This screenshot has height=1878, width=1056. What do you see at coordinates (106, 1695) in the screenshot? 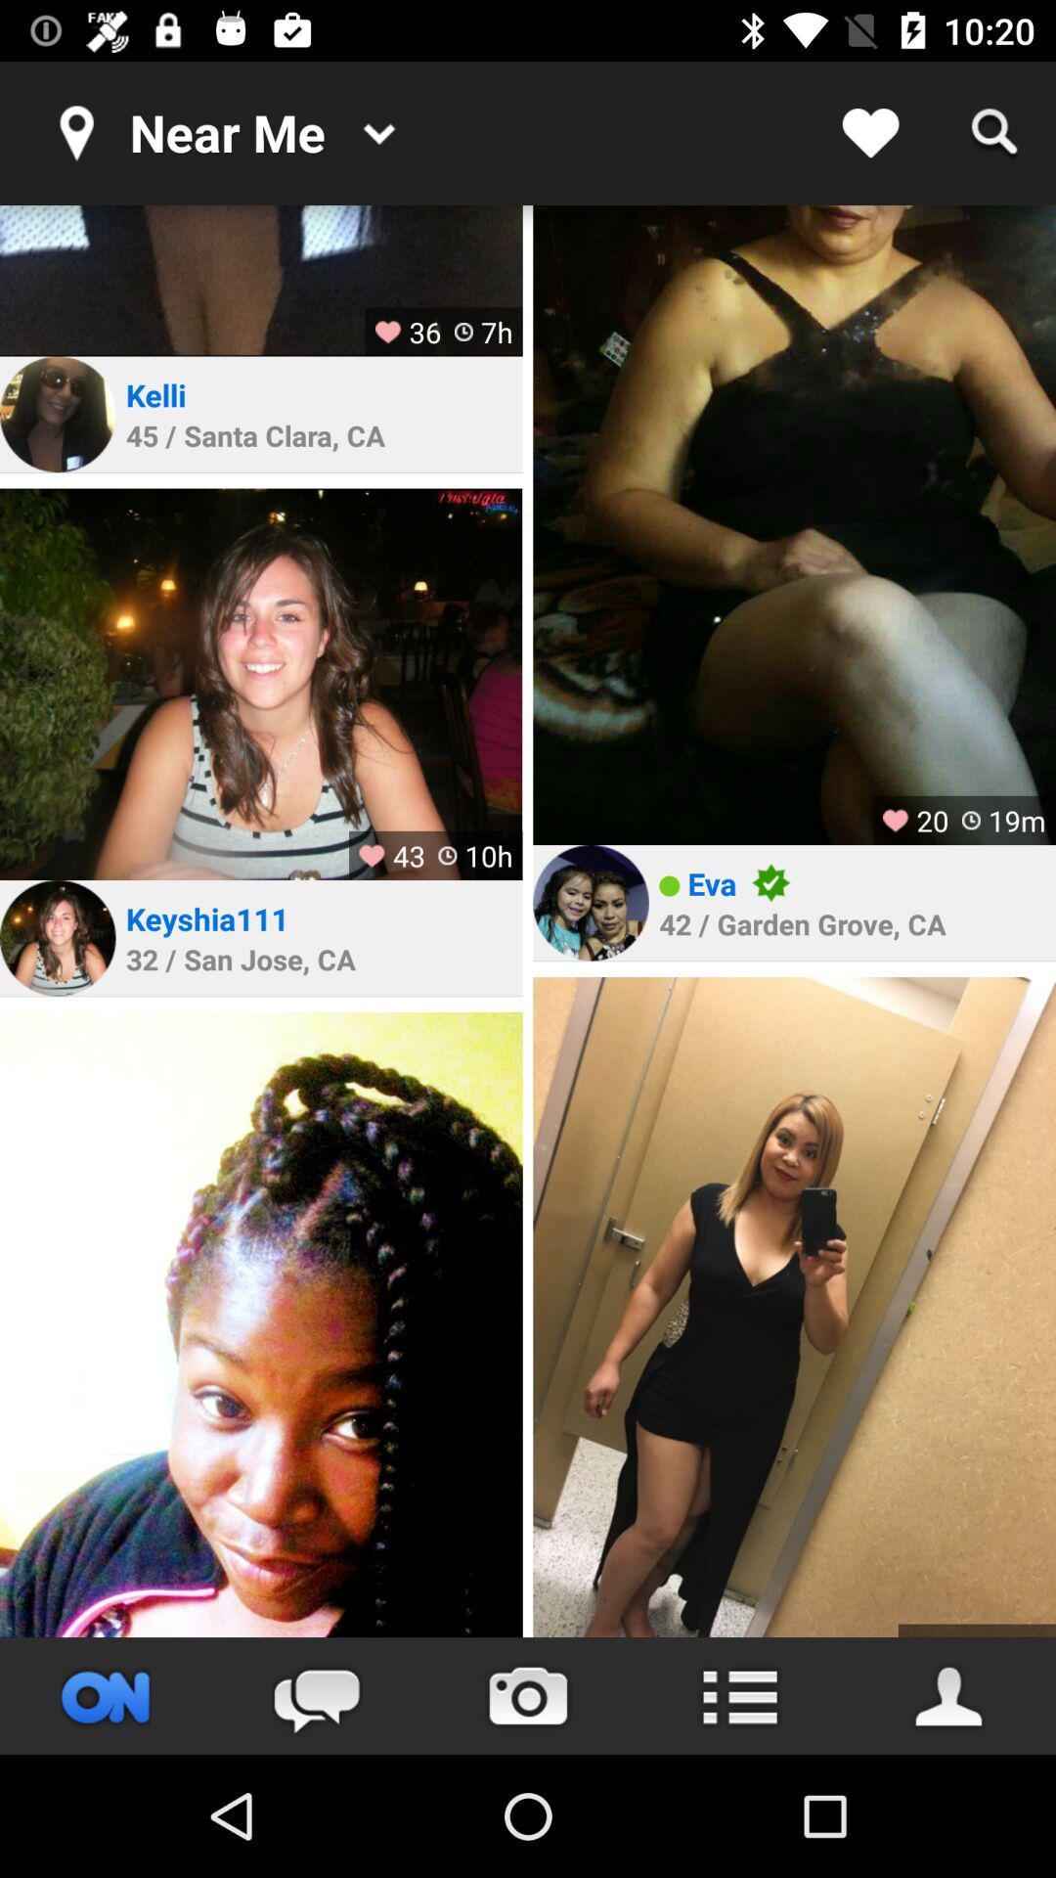
I see `the sliders icon` at bounding box center [106, 1695].